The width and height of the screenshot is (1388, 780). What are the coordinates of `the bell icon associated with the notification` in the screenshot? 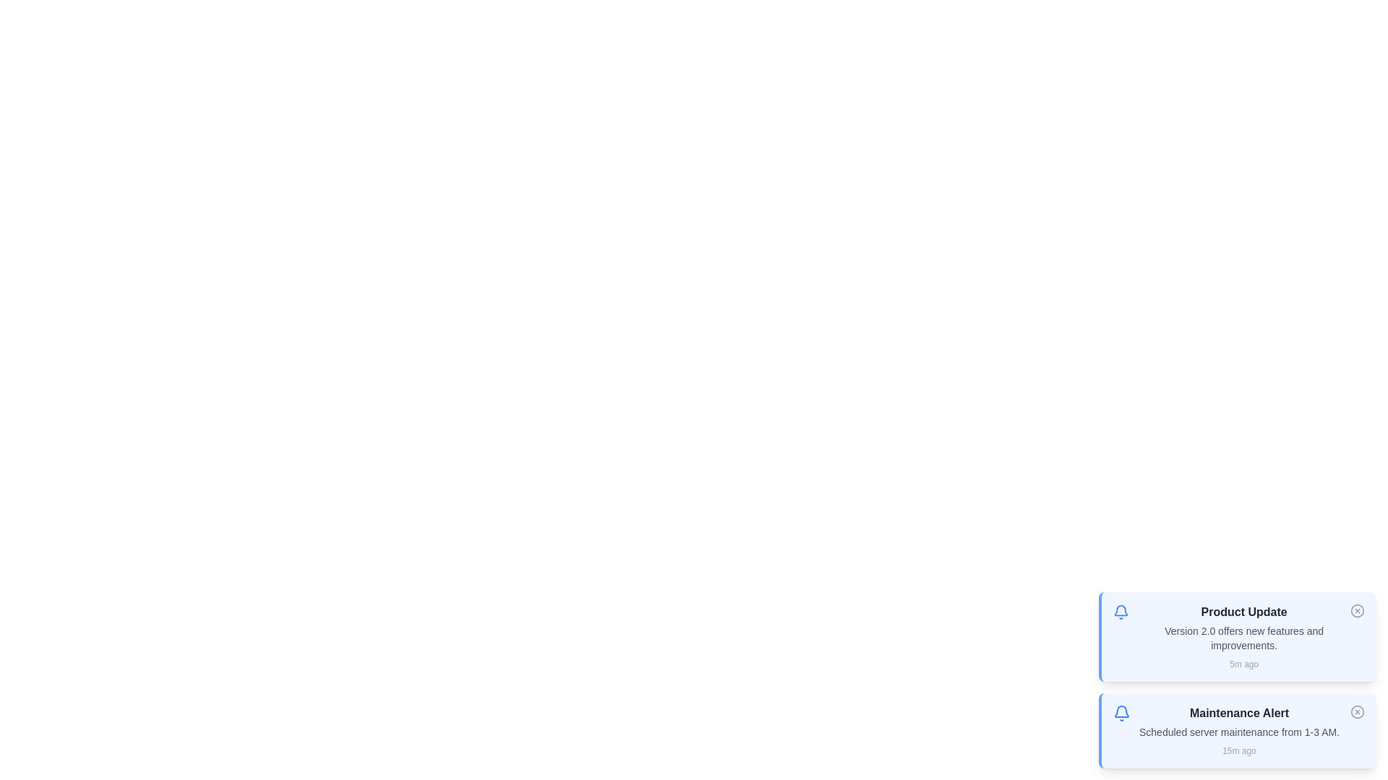 It's located at (1120, 612).